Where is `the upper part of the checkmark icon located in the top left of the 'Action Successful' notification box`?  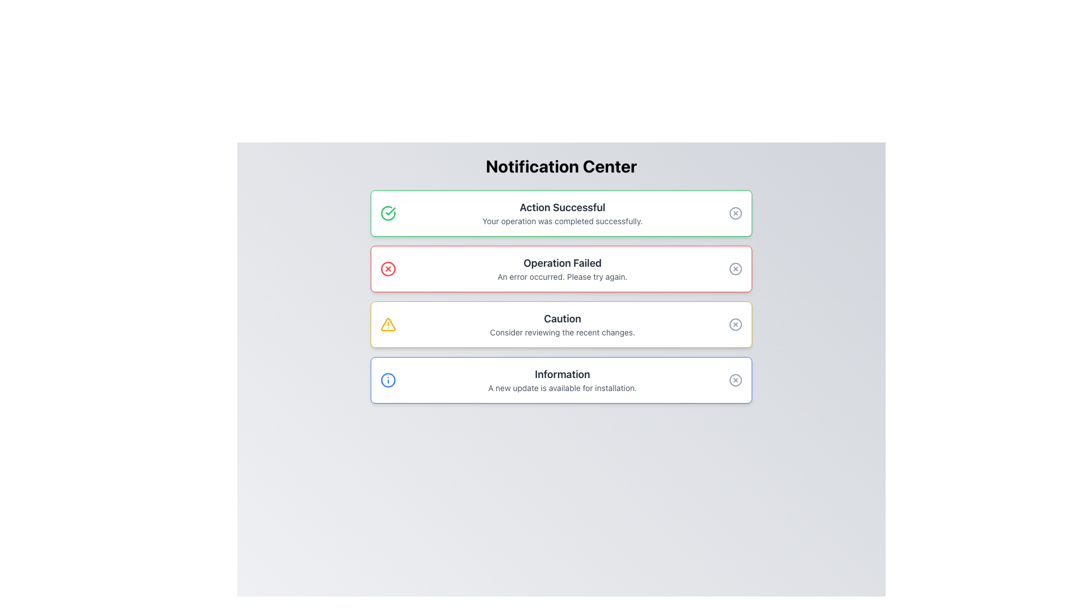 the upper part of the checkmark icon located in the top left of the 'Action Successful' notification box is located at coordinates (388, 213).